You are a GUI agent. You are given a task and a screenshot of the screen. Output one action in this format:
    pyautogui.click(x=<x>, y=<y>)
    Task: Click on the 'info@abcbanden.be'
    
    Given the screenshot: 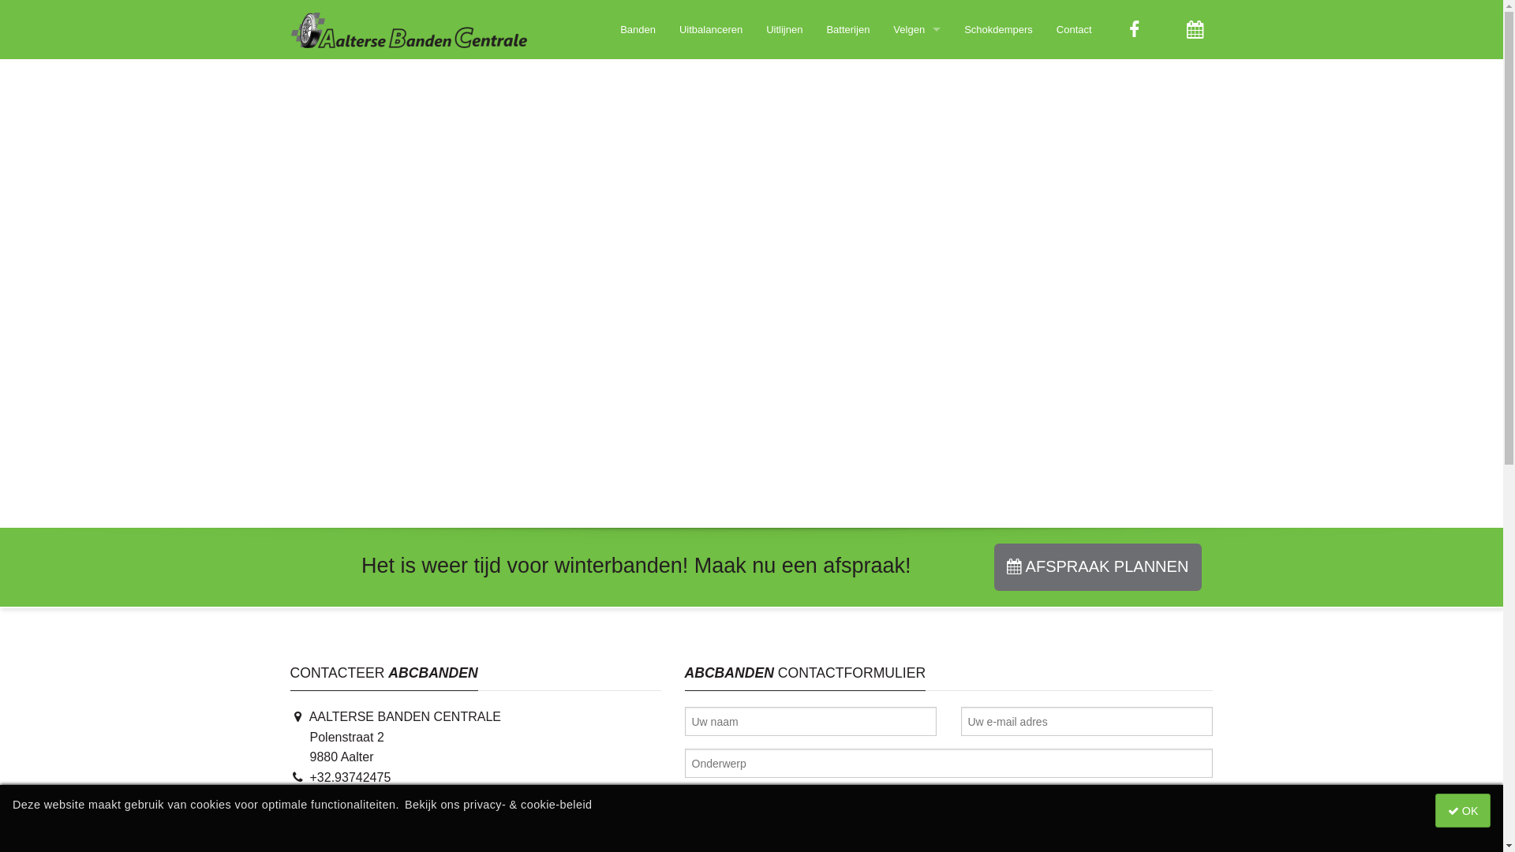 What is the action you would take?
    pyautogui.click(x=355, y=816)
    